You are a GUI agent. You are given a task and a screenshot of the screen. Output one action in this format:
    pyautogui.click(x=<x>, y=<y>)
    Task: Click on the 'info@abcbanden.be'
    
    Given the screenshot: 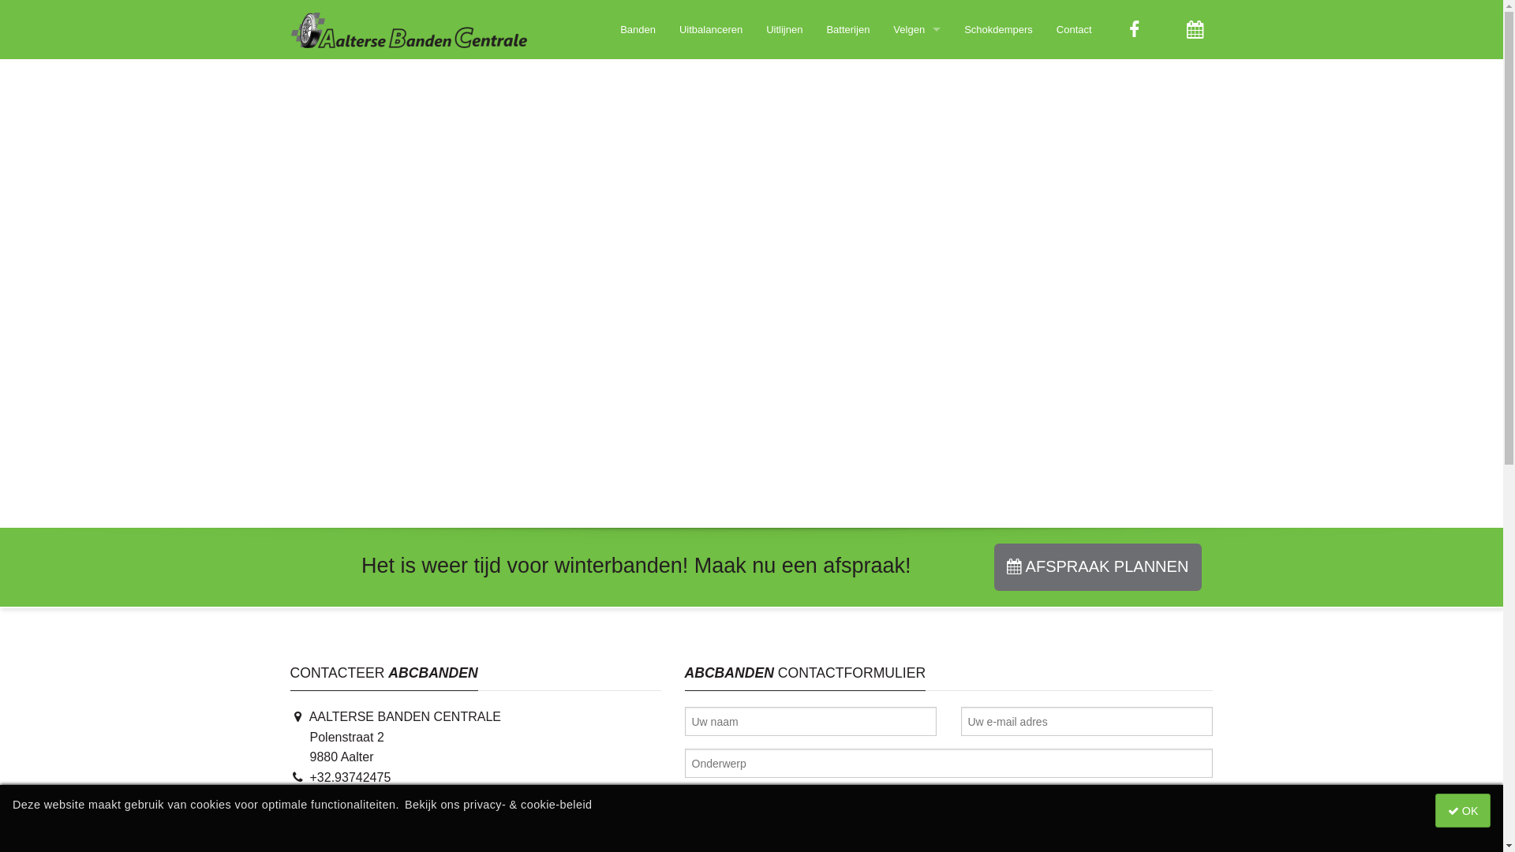 What is the action you would take?
    pyautogui.click(x=355, y=816)
    